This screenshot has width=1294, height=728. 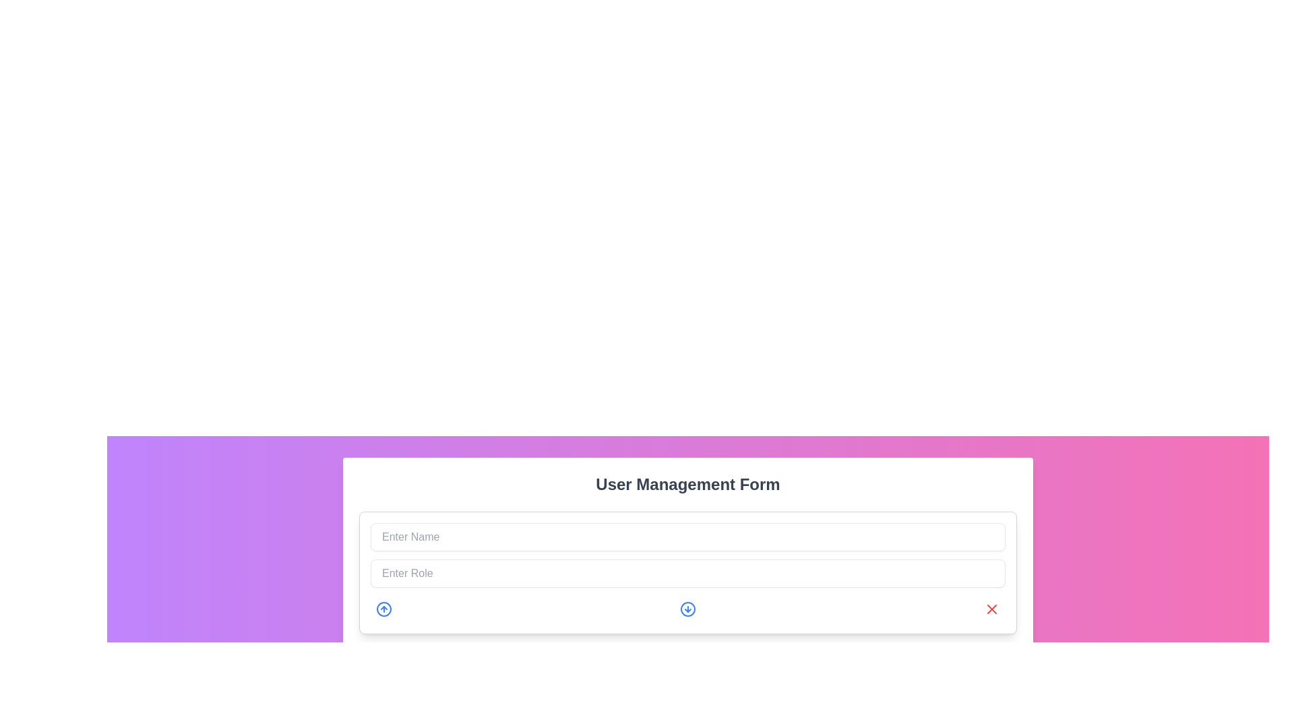 What do you see at coordinates (992, 609) in the screenshot?
I see `the close or delete indicator icon located in the bottom-right corner of the 'User Management Form'` at bounding box center [992, 609].